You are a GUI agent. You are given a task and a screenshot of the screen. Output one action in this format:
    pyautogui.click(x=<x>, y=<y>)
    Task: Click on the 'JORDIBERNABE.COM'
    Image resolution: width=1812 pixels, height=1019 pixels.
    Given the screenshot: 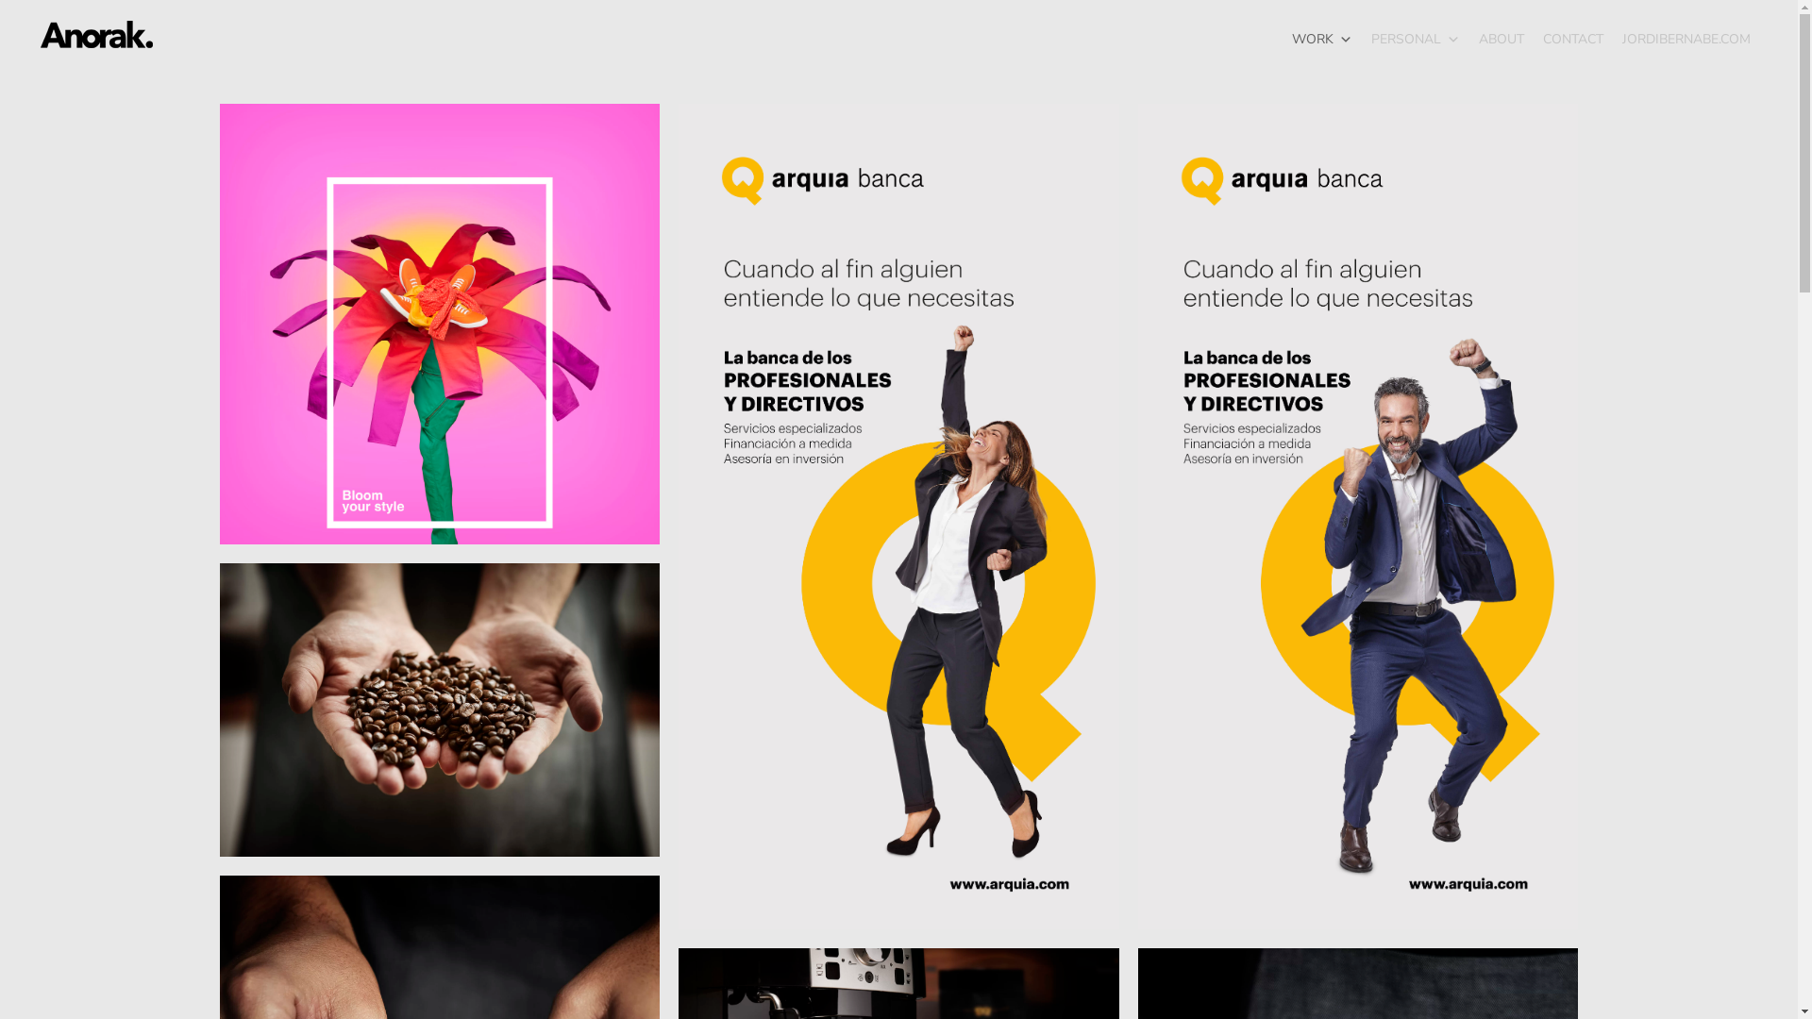 What is the action you would take?
    pyautogui.click(x=1686, y=40)
    